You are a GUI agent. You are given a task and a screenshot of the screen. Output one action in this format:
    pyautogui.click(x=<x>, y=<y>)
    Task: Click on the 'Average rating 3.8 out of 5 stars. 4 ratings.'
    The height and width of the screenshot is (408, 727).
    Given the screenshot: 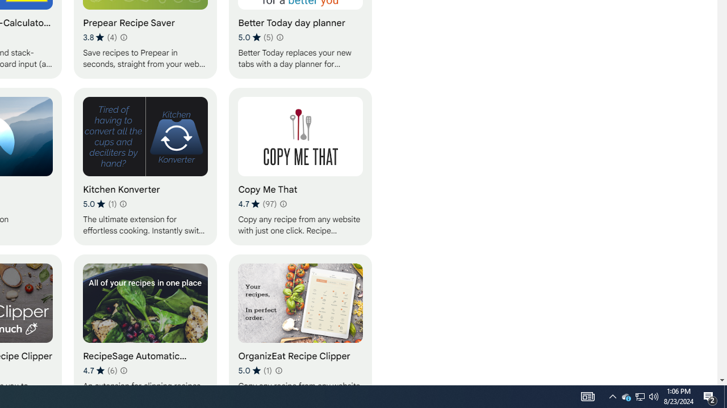 What is the action you would take?
    pyautogui.click(x=100, y=37)
    